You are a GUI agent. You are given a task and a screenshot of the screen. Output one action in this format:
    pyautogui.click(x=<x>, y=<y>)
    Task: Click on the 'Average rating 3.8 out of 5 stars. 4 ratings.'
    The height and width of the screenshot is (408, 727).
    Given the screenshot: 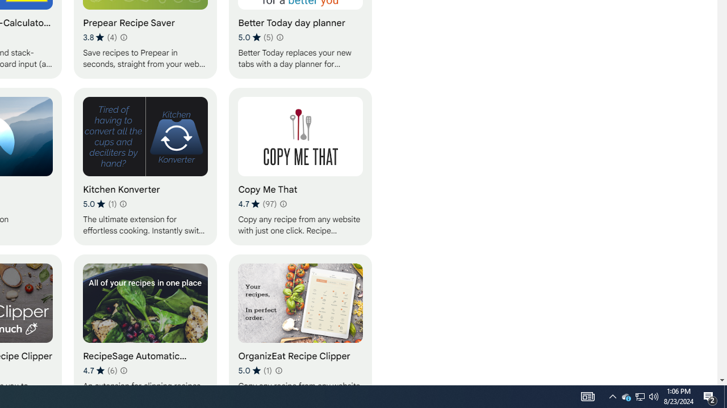 What is the action you would take?
    pyautogui.click(x=100, y=37)
    